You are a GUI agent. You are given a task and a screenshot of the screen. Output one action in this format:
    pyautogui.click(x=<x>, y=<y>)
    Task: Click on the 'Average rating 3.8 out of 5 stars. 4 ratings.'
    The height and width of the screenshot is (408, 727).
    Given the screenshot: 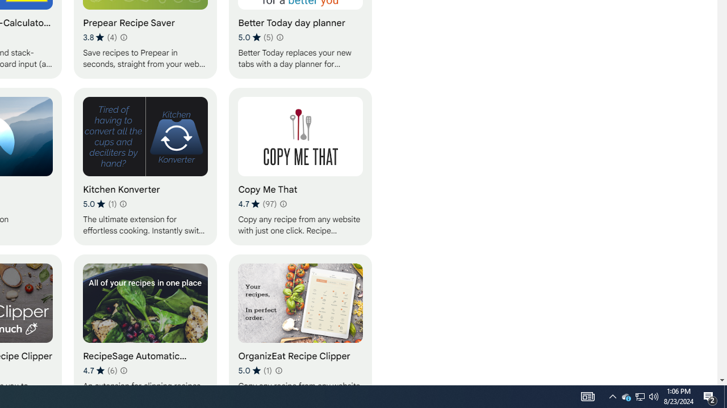 What is the action you would take?
    pyautogui.click(x=100, y=37)
    